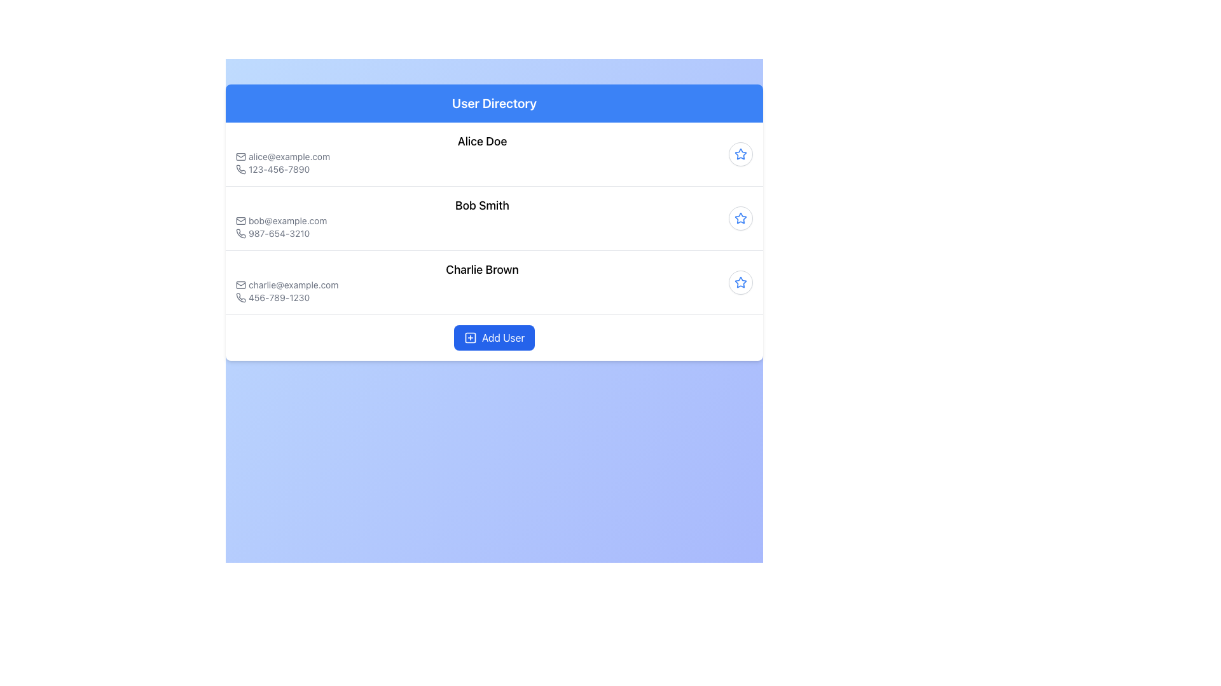  I want to click on the email address 'bob@example.com' displayed in gray font, alongside the mail icon, to prepare for copying the text, so click(481, 220).